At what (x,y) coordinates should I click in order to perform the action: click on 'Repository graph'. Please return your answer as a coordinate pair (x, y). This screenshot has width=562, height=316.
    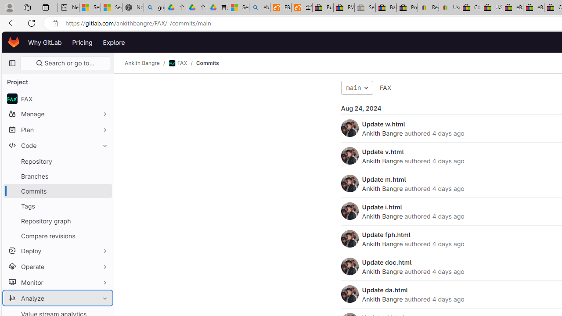
    Looking at the image, I should click on (57, 220).